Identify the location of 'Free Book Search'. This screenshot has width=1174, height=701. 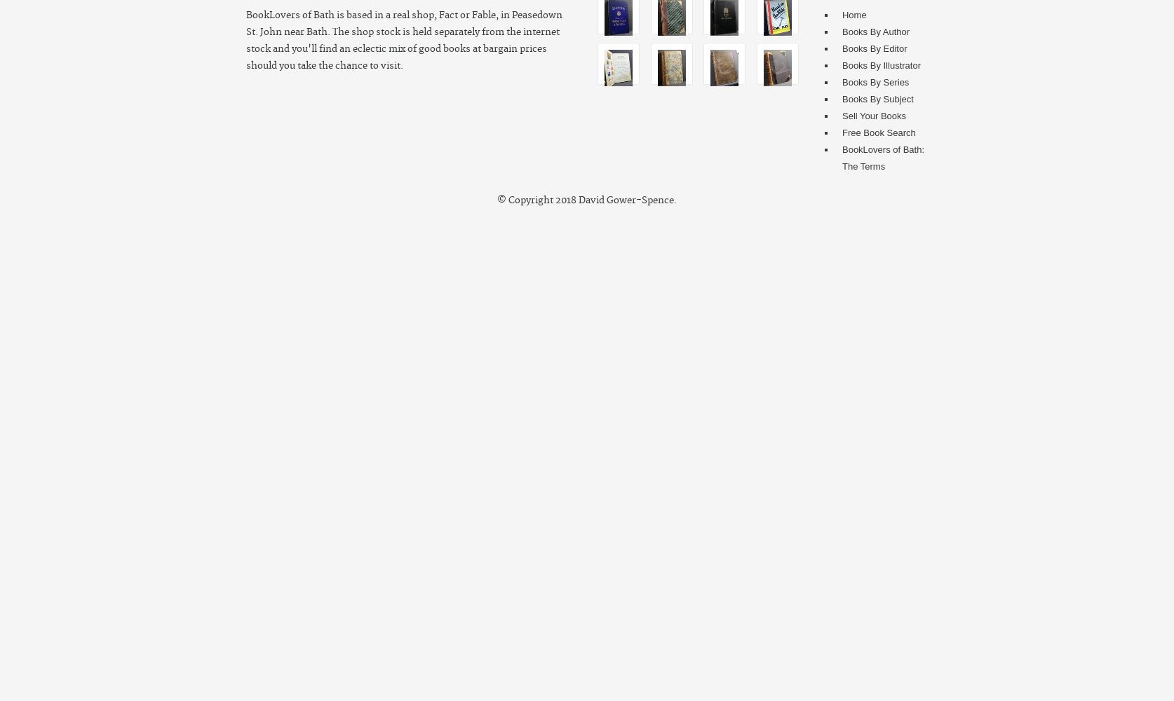
(878, 132).